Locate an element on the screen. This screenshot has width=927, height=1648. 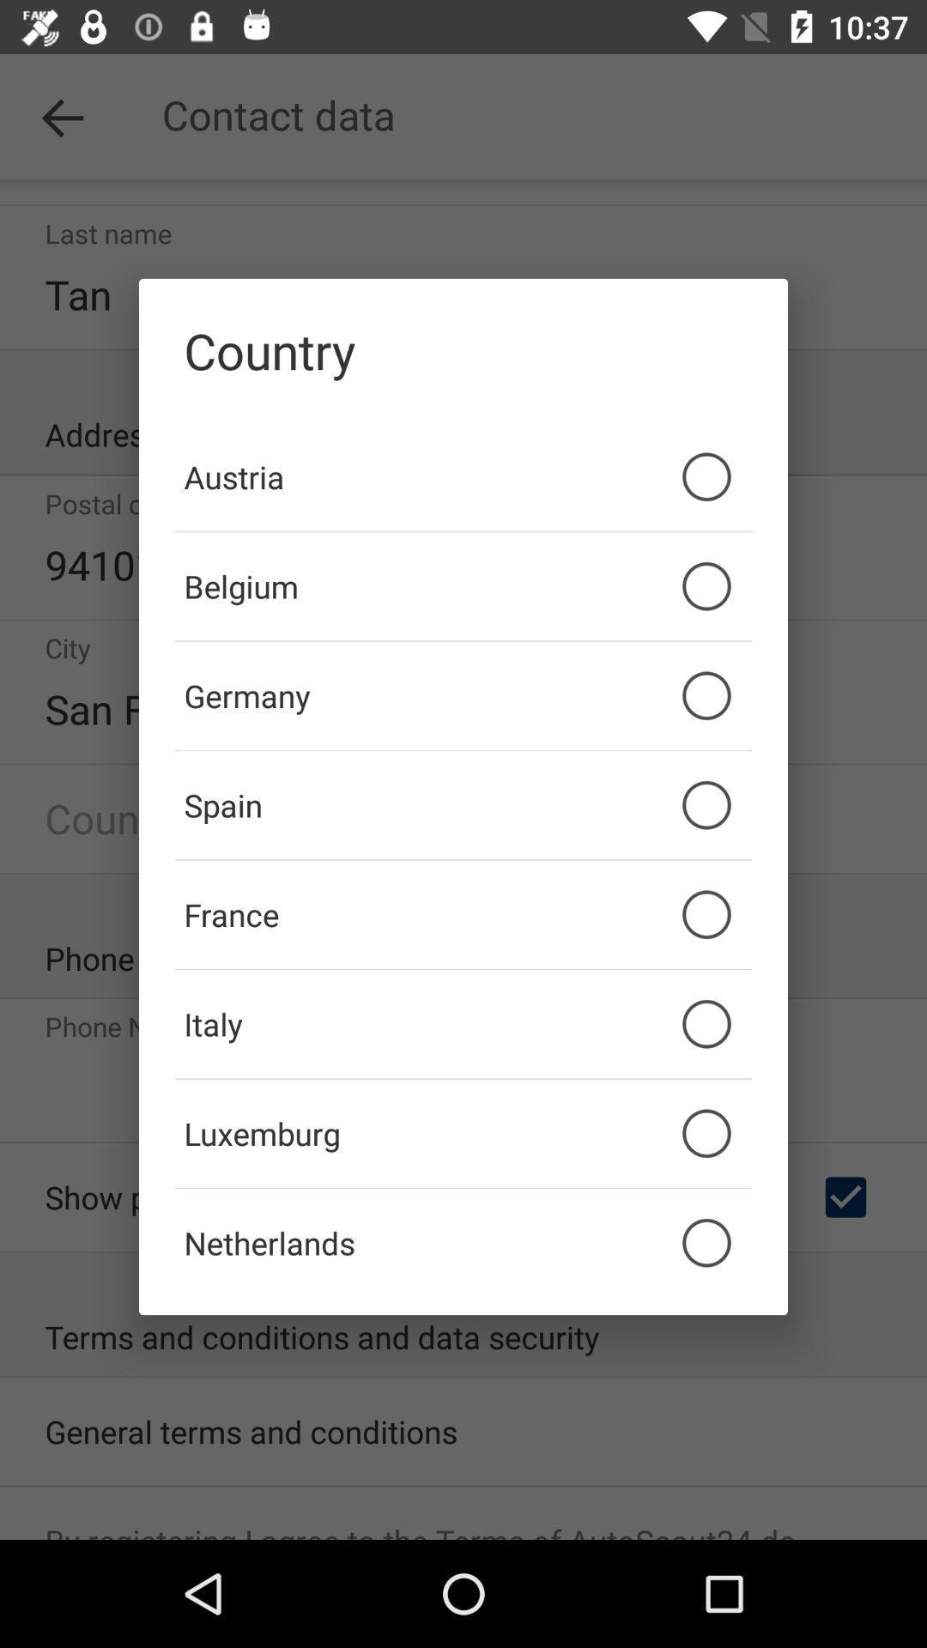
the france icon is located at coordinates (463, 913).